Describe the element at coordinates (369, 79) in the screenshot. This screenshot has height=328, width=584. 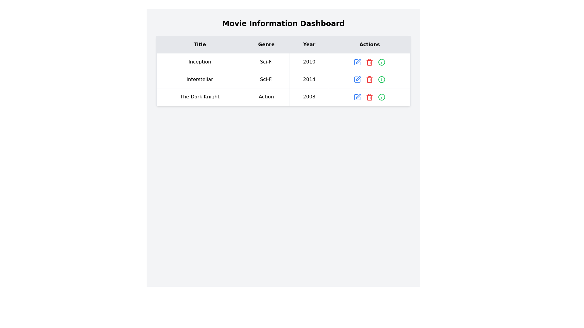
I see `the red trashcan icon button in the 'Actions' column of the second item in the table` at that location.